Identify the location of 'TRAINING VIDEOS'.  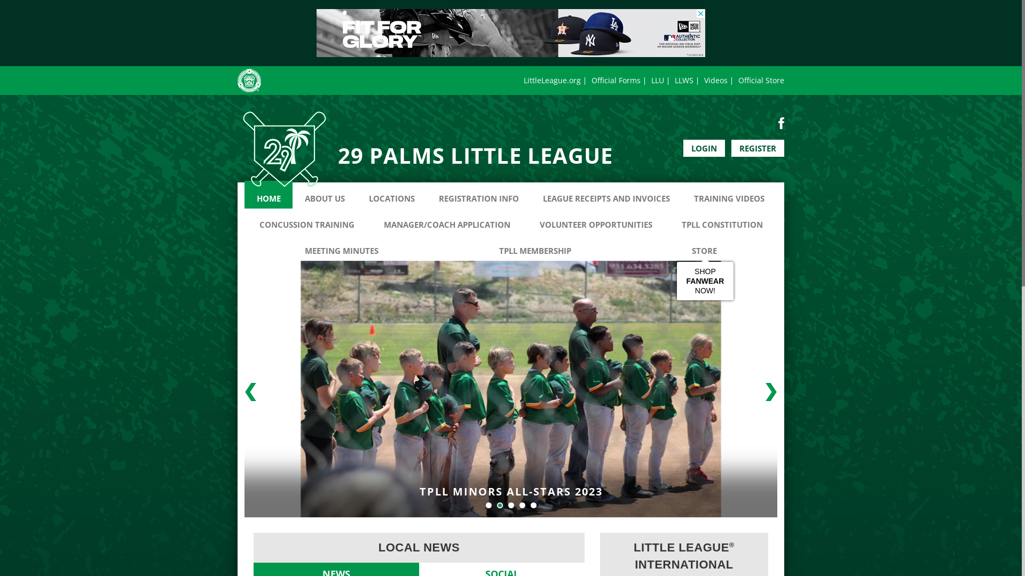
(728, 195).